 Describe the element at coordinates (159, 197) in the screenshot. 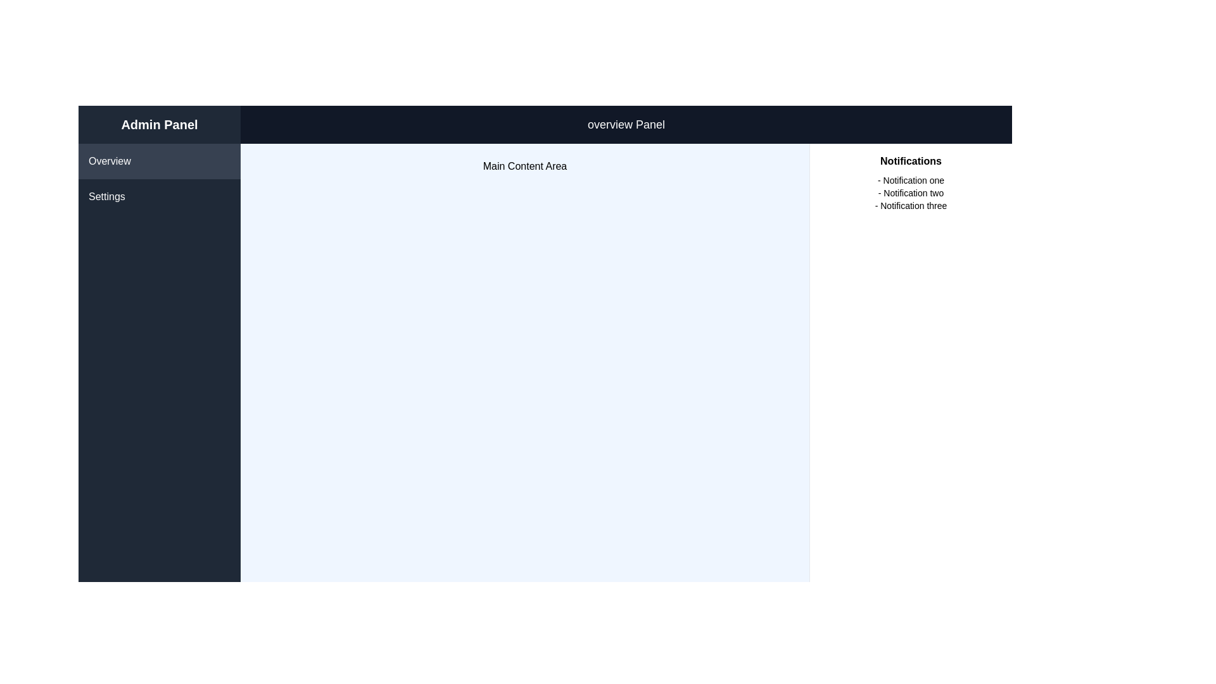

I see `the 'Settings' navigation button located in the Admin Panel section of the sidebar, positioned directly below the 'Overview' button` at that location.